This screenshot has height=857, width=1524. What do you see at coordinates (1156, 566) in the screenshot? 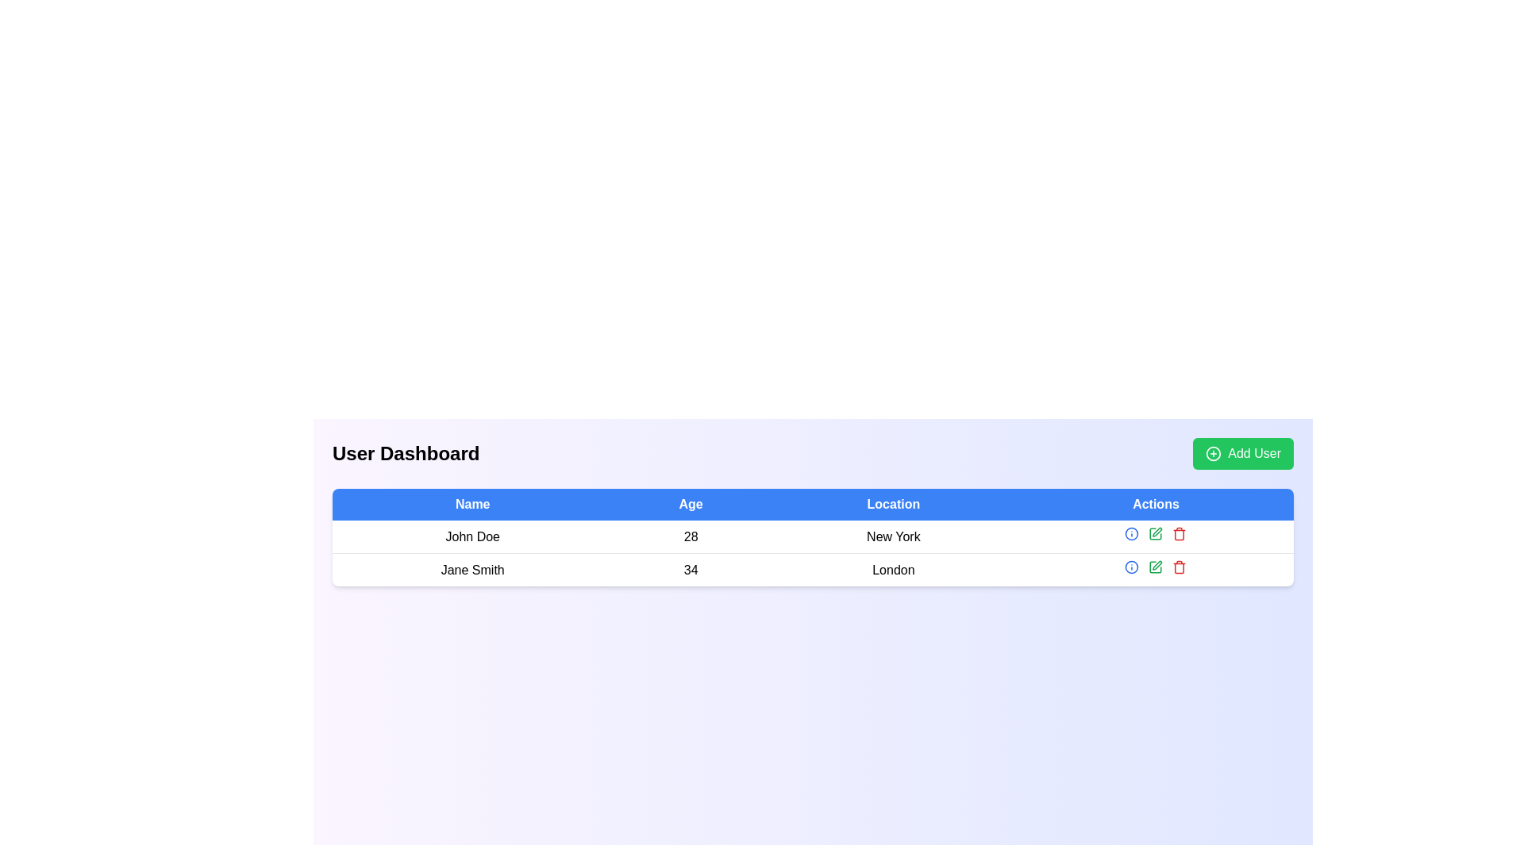
I see `the 'Edit' icon, which features a pen symbol and contains a line segment representing an edge, located in the 'Actions' column of the second row of the table` at bounding box center [1156, 566].